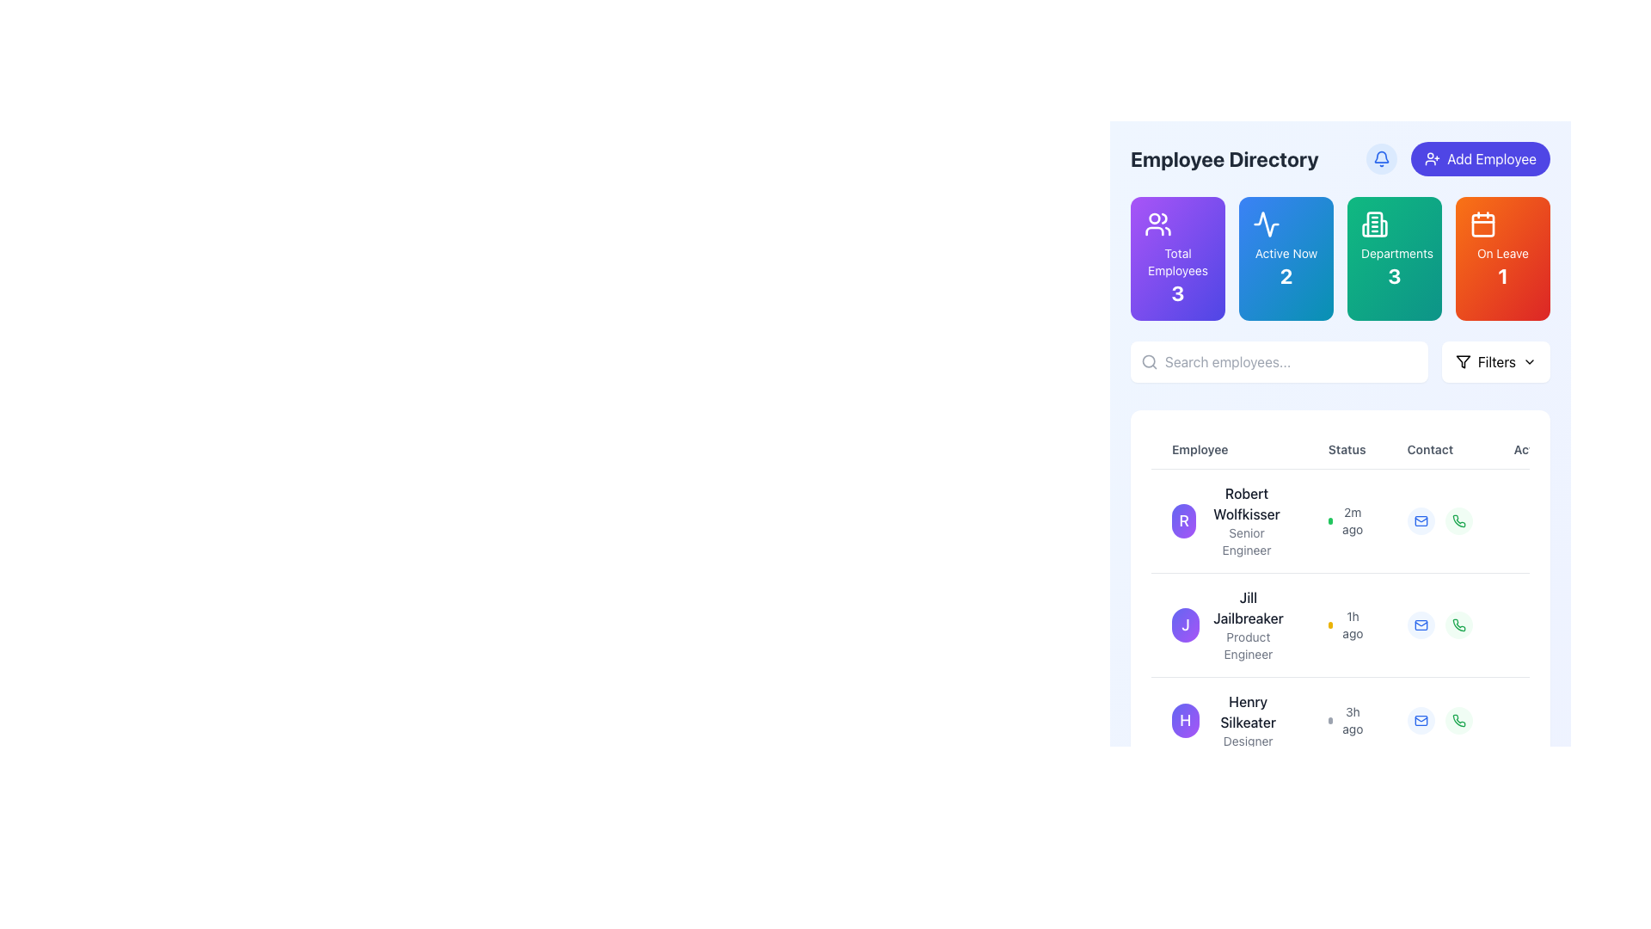  What do you see at coordinates (1458, 720) in the screenshot?
I see `the circular green button with a phone icon located at the rightmost of the 'Contact' column for the user 'Henry Silkeater'` at bounding box center [1458, 720].